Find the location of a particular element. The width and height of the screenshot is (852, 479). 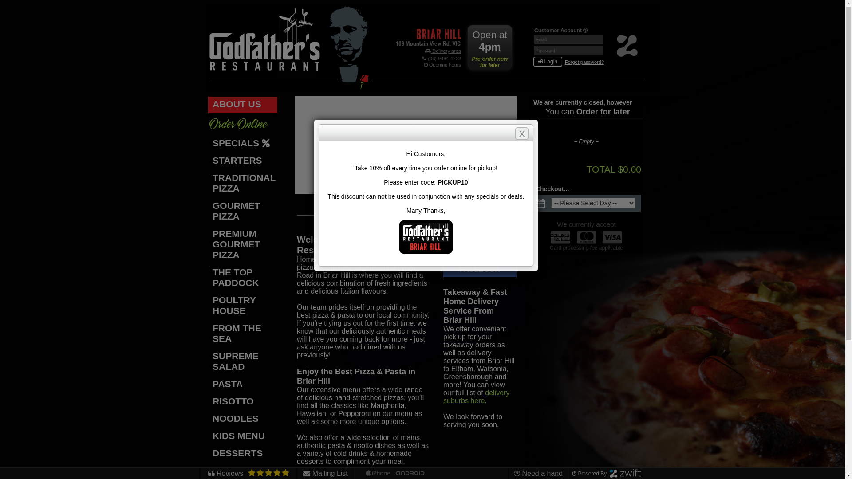

'Login' is located at coordinates (547, 61).